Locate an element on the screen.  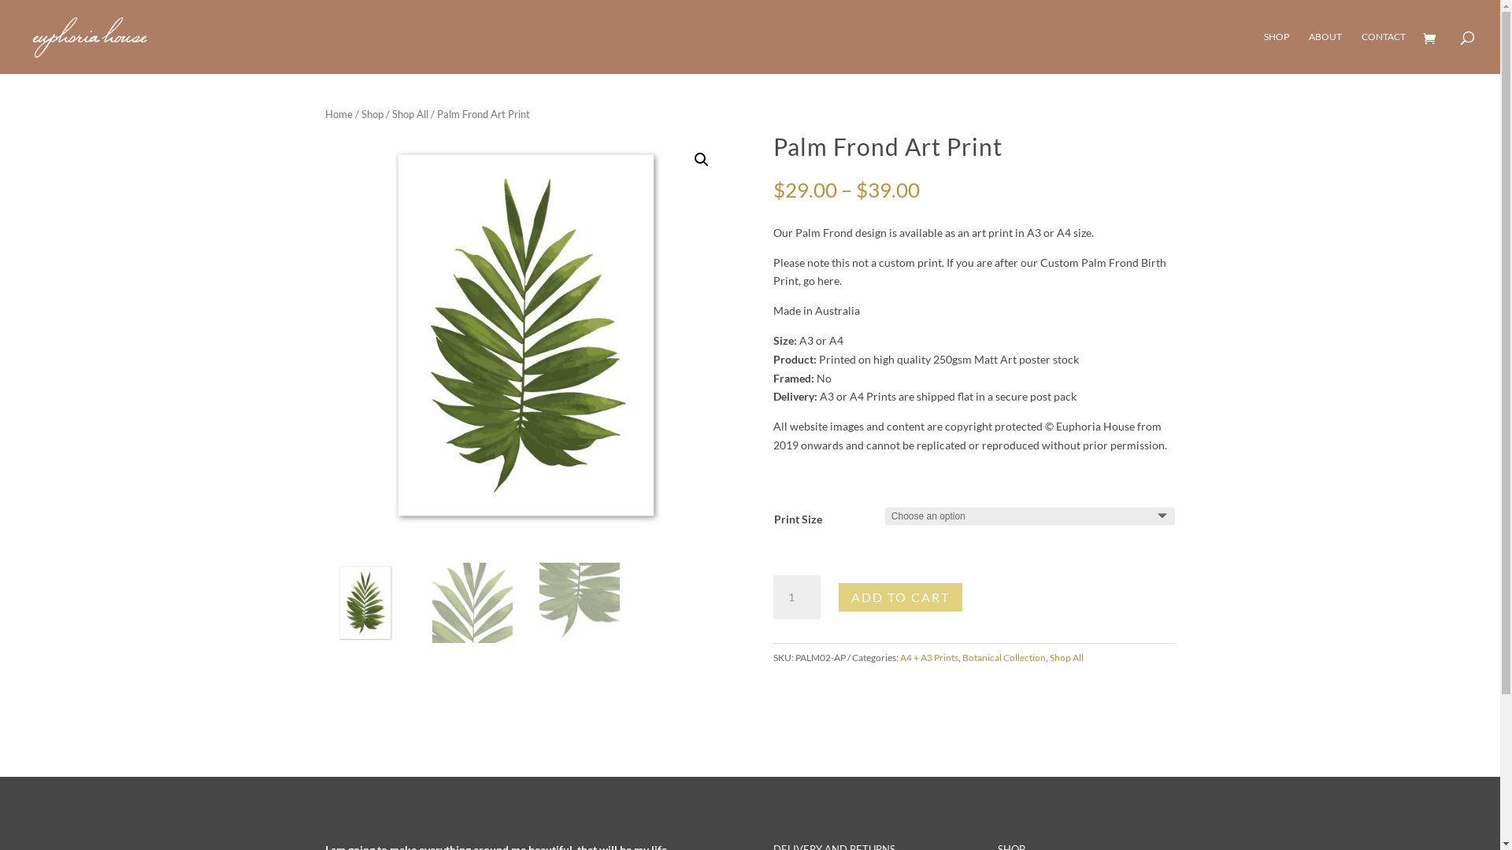
'CONTACT' is located at coordinates (1382, 51).